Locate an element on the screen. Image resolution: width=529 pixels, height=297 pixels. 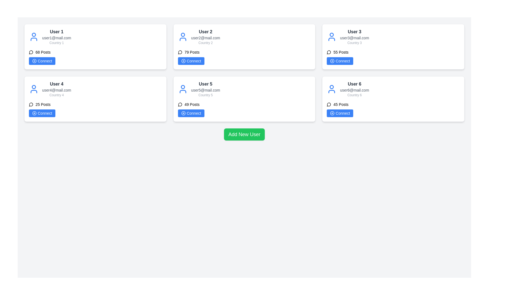
the speech bubble icon located to the left of '68 Posts', which is styled with thin lines in a minimalist design is located at coordinates (31, 52).